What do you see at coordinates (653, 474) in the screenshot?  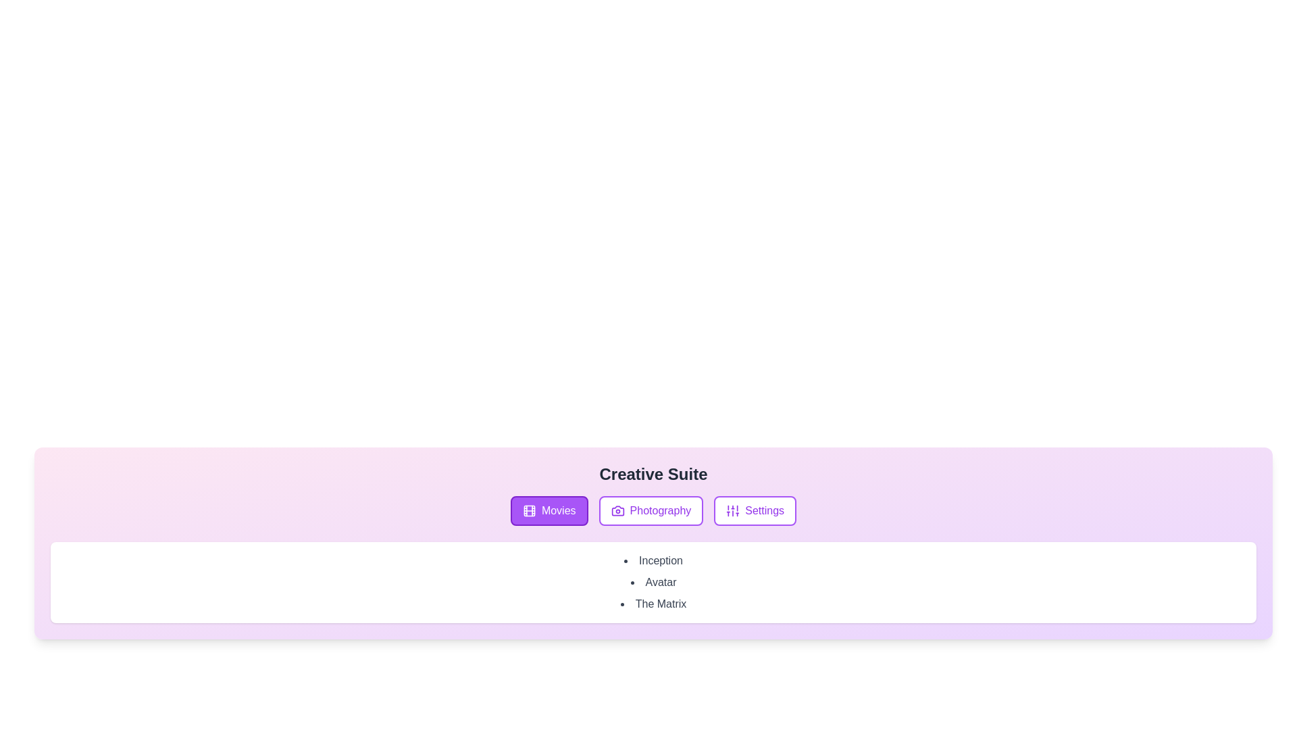 I see `the Text block element that serves as the title or heading for the section, located above the buttons labeled 'Movies', 'Photography', and 'Settings'` at bounding box center [653, 474].